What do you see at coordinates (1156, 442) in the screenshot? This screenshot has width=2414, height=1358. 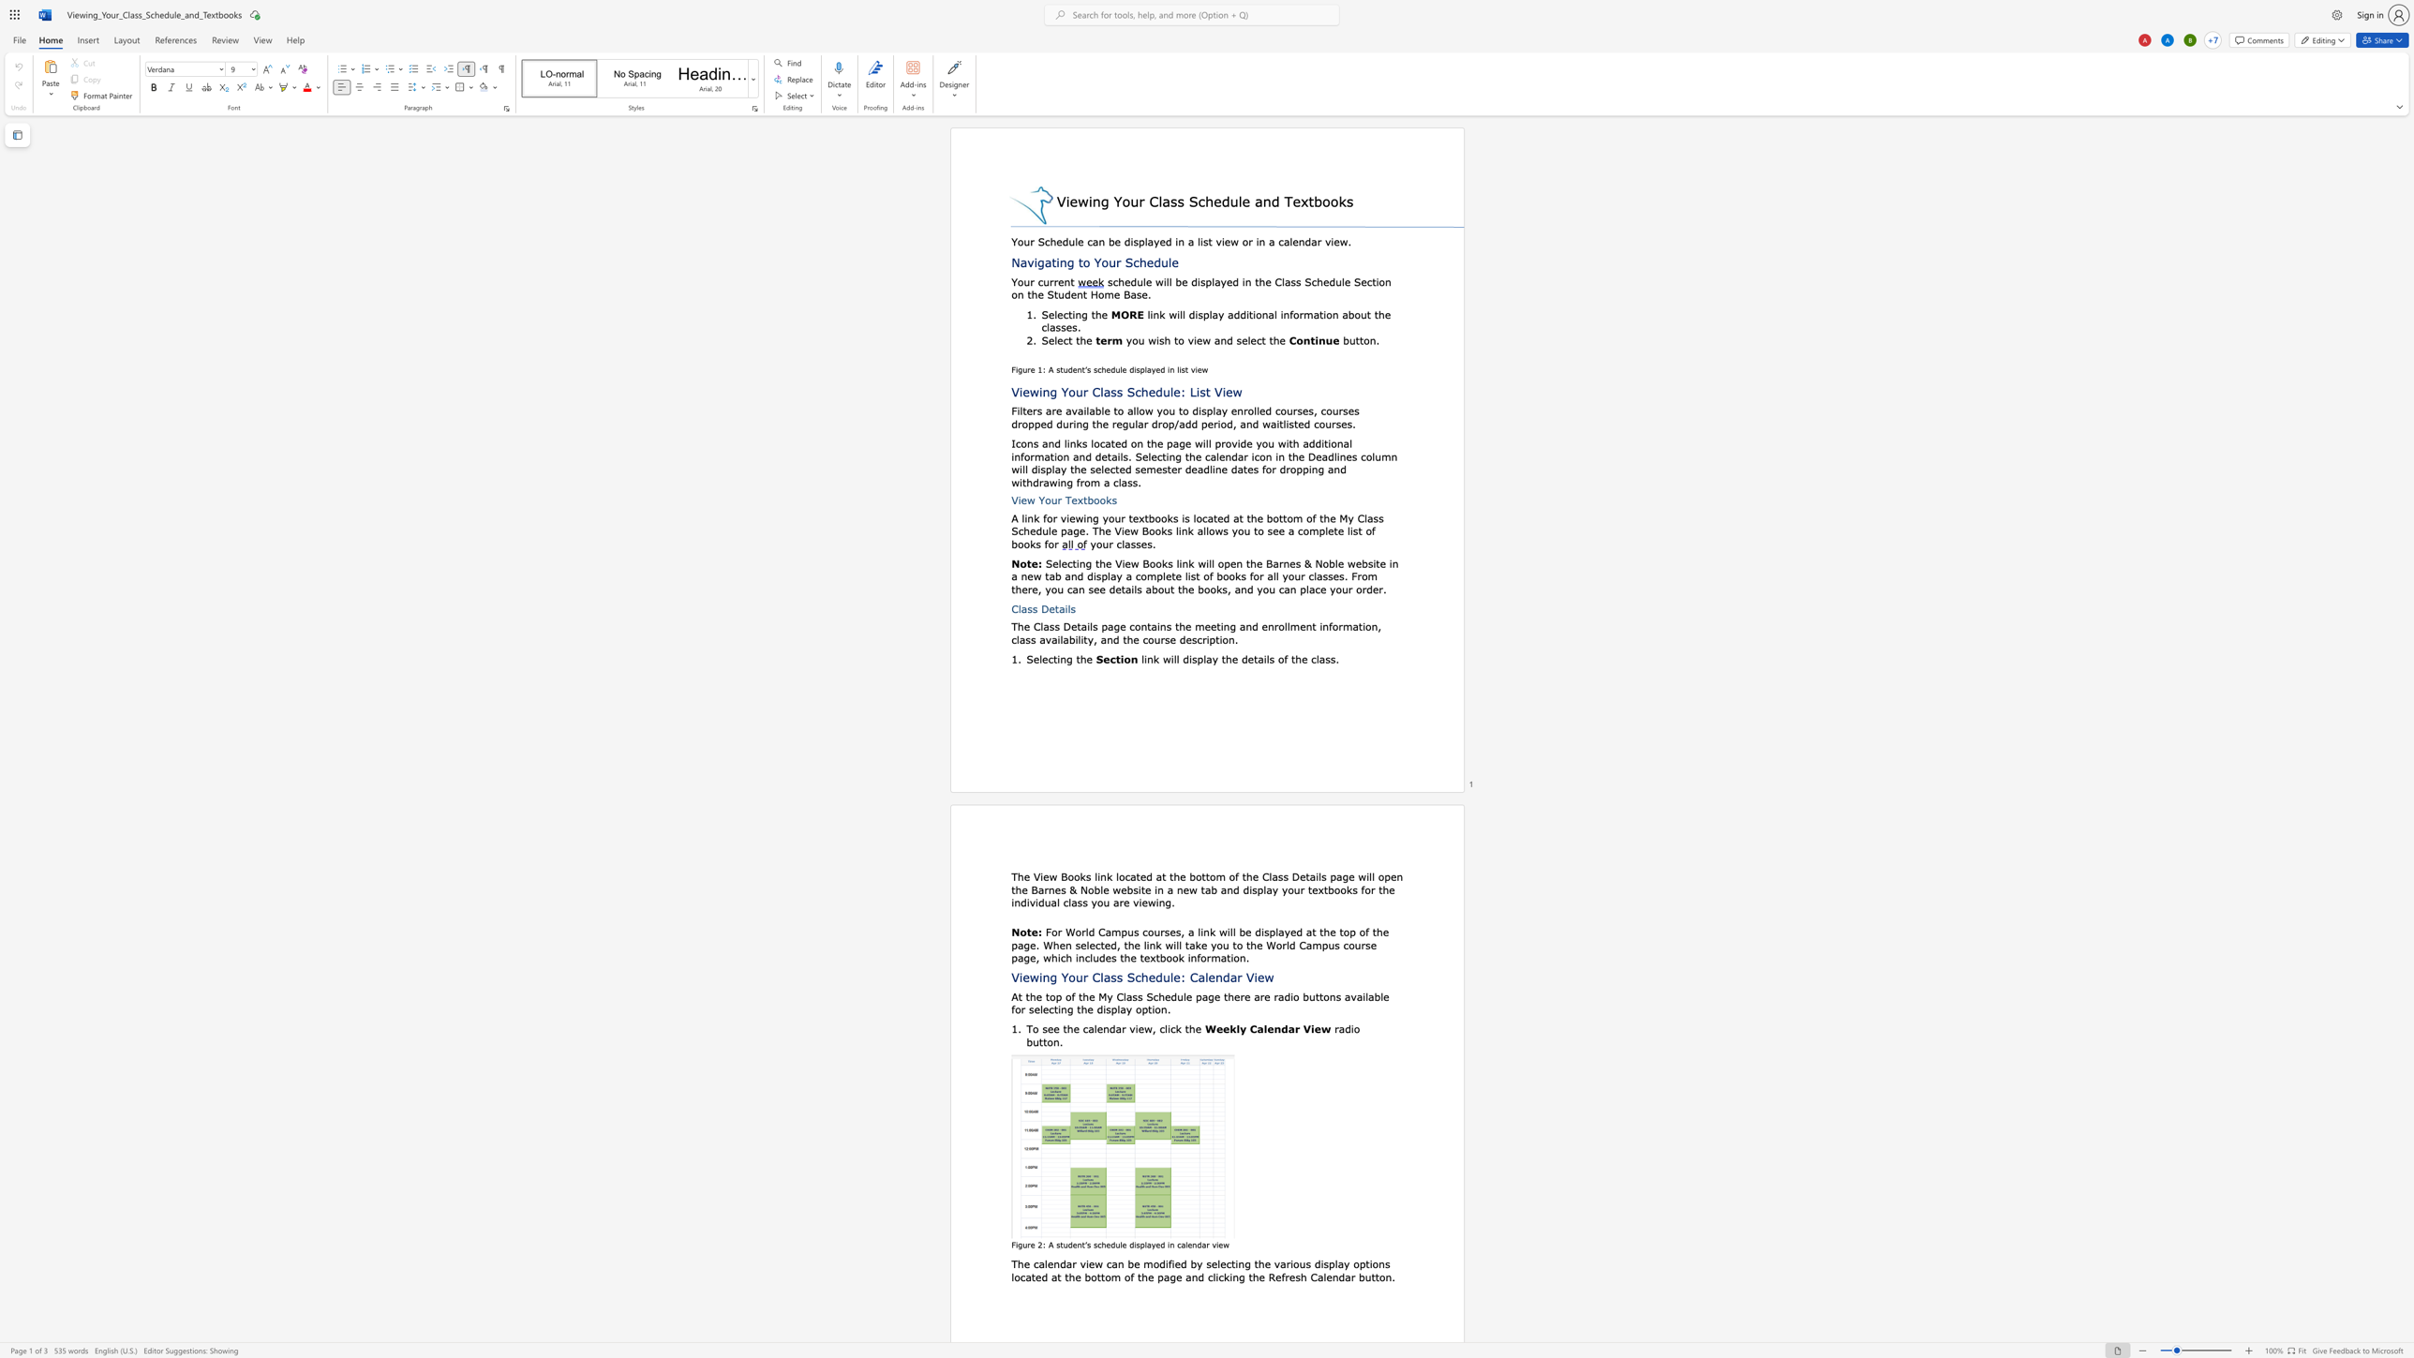 I see `the space between the continuous character "h" and "e" in the text` at bounding box center [1156, 442].